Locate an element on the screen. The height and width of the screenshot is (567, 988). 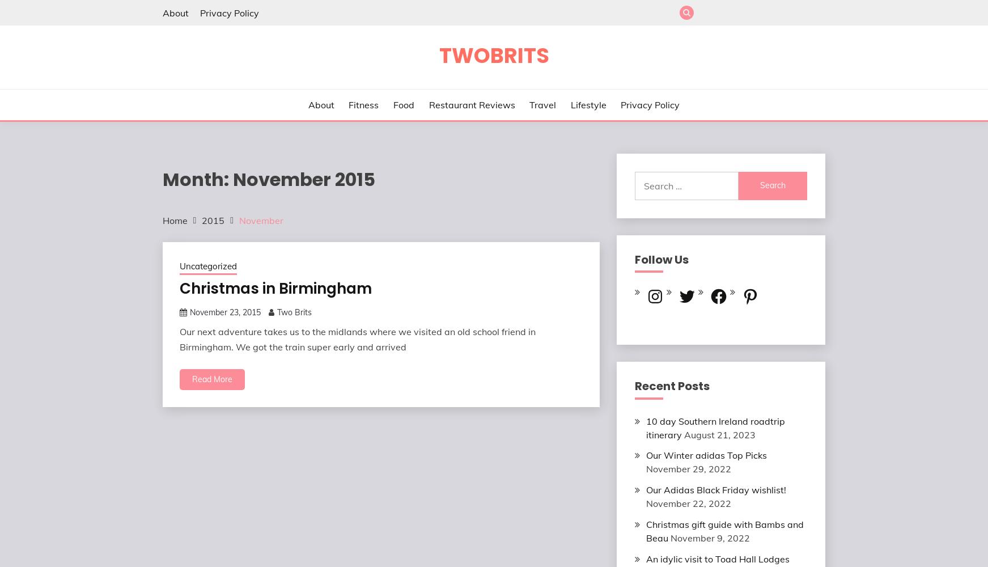
'Our Adidas Black Friday wishlist!' is located at coordinates (646, 489).